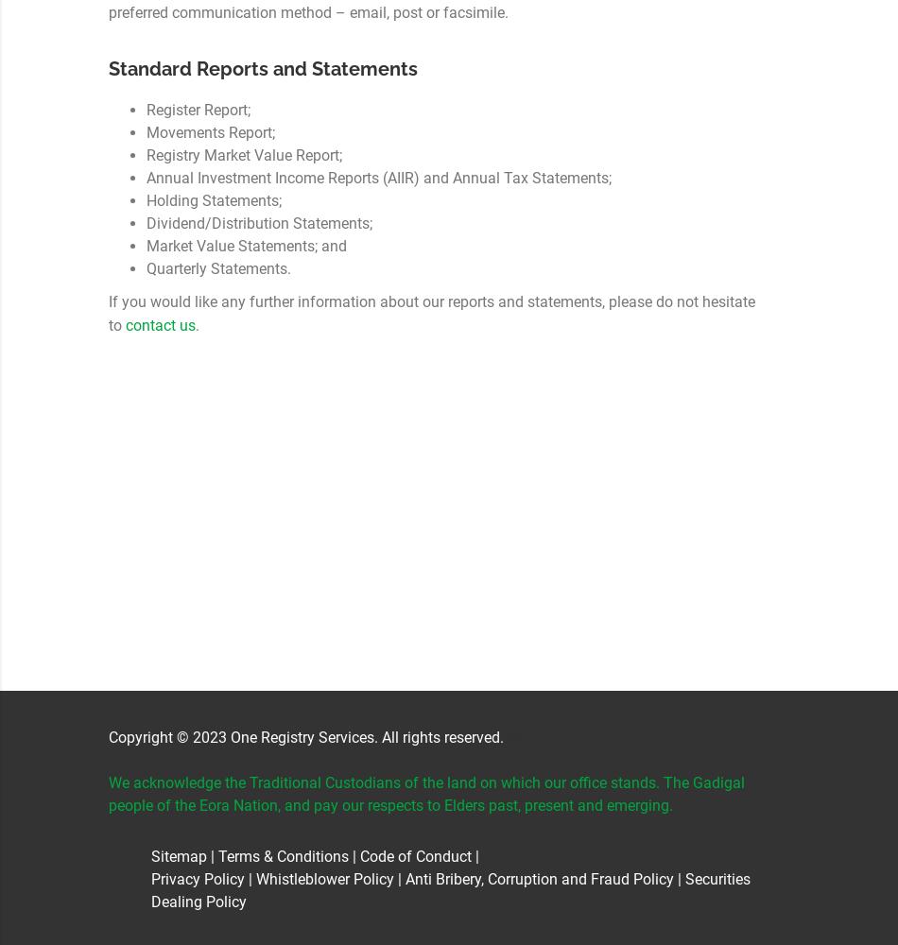  Describe the element at coordinates (147, 199) in the screenshot. I see `'Holding Statements;'` at that location.